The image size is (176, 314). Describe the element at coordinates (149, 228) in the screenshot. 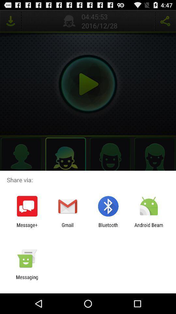

I see `the app at the bottom right corner` at that location.